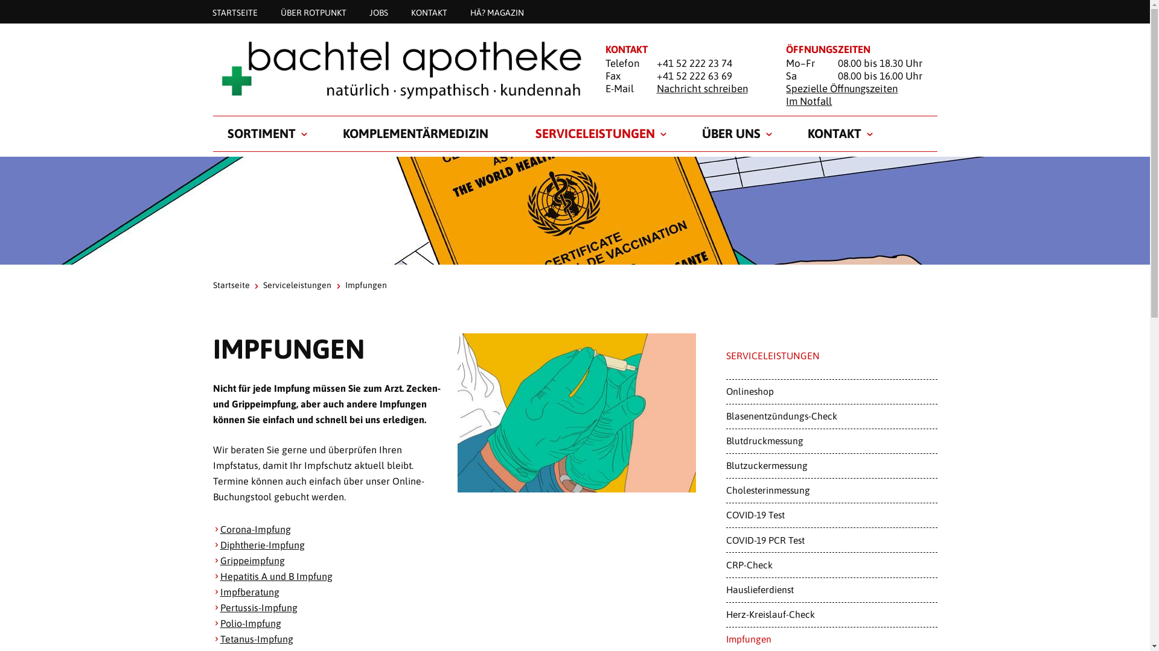 This screenshot has width=1159, height=651. What do you see at coordinates (594, 134) in the screenshot?
I see `'SERVICELEISTUNGEN'` at bounding box center [594, 134].